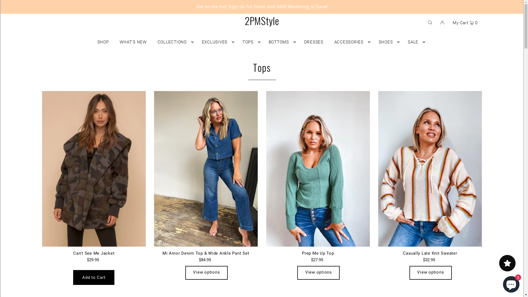  What do you see at coordinates (94, 253) in the screenshot?
I see `'Can't See Me Jacket'` at bounding box center [94, 253].